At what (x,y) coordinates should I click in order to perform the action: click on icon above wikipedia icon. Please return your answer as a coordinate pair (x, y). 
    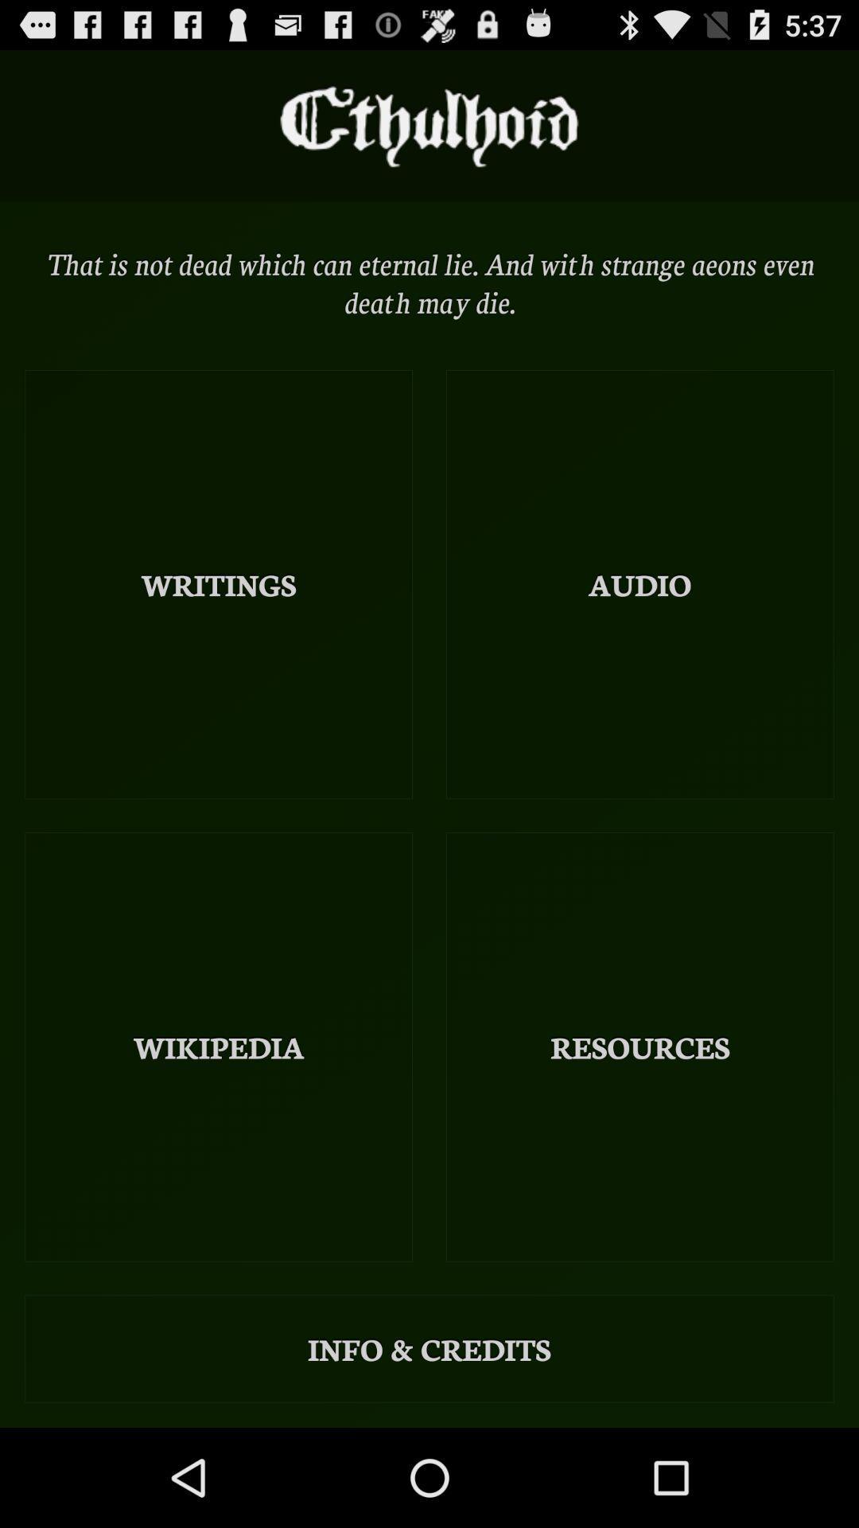
    Looking at the image, I should click on (219, 583).